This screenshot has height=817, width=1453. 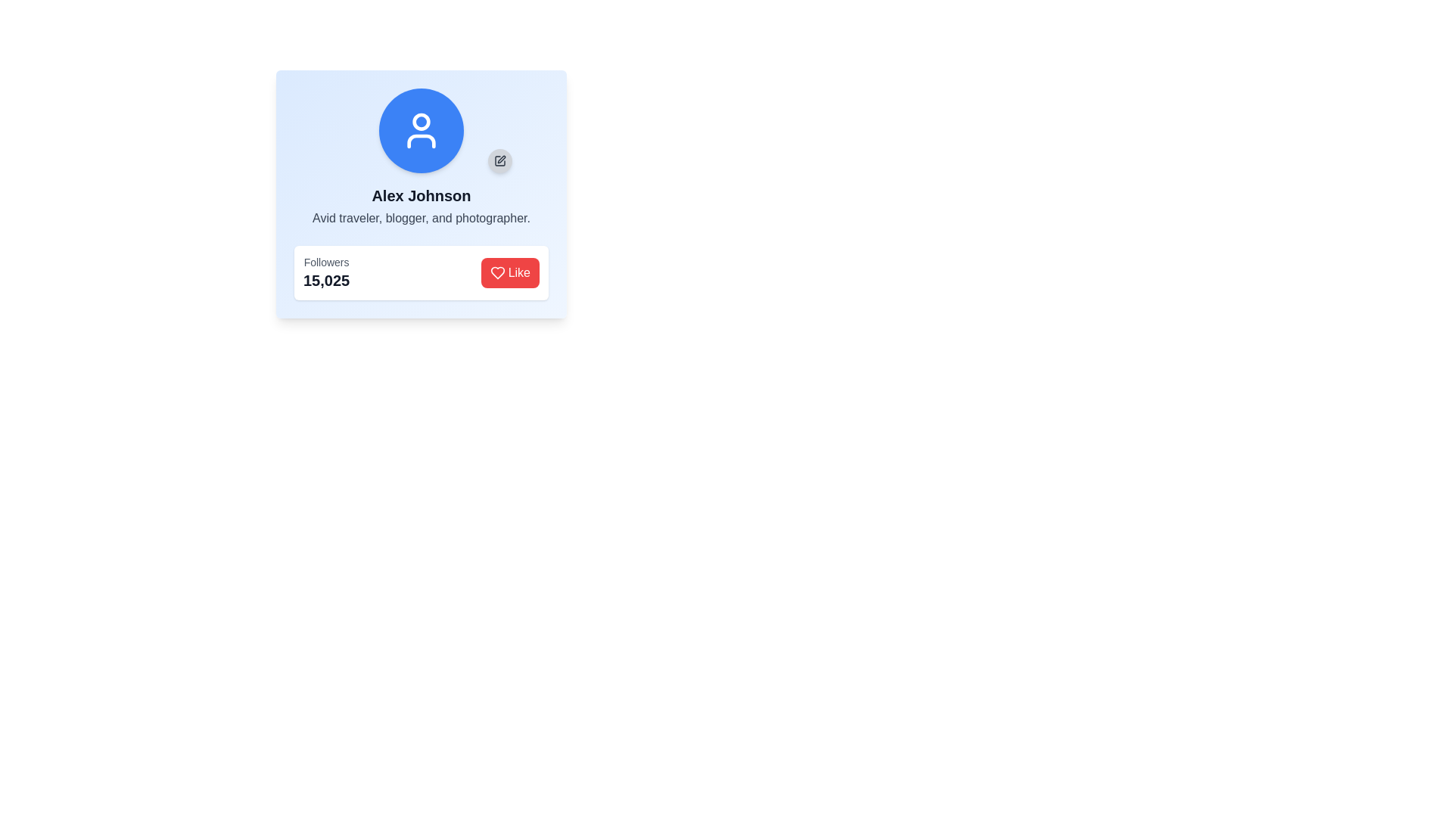 I want to click on the text element displaying the number of followers associated with the user in the card layout, located under the 'Followers' label and to the left of the 'Like' button, so click(x=325, y=280).